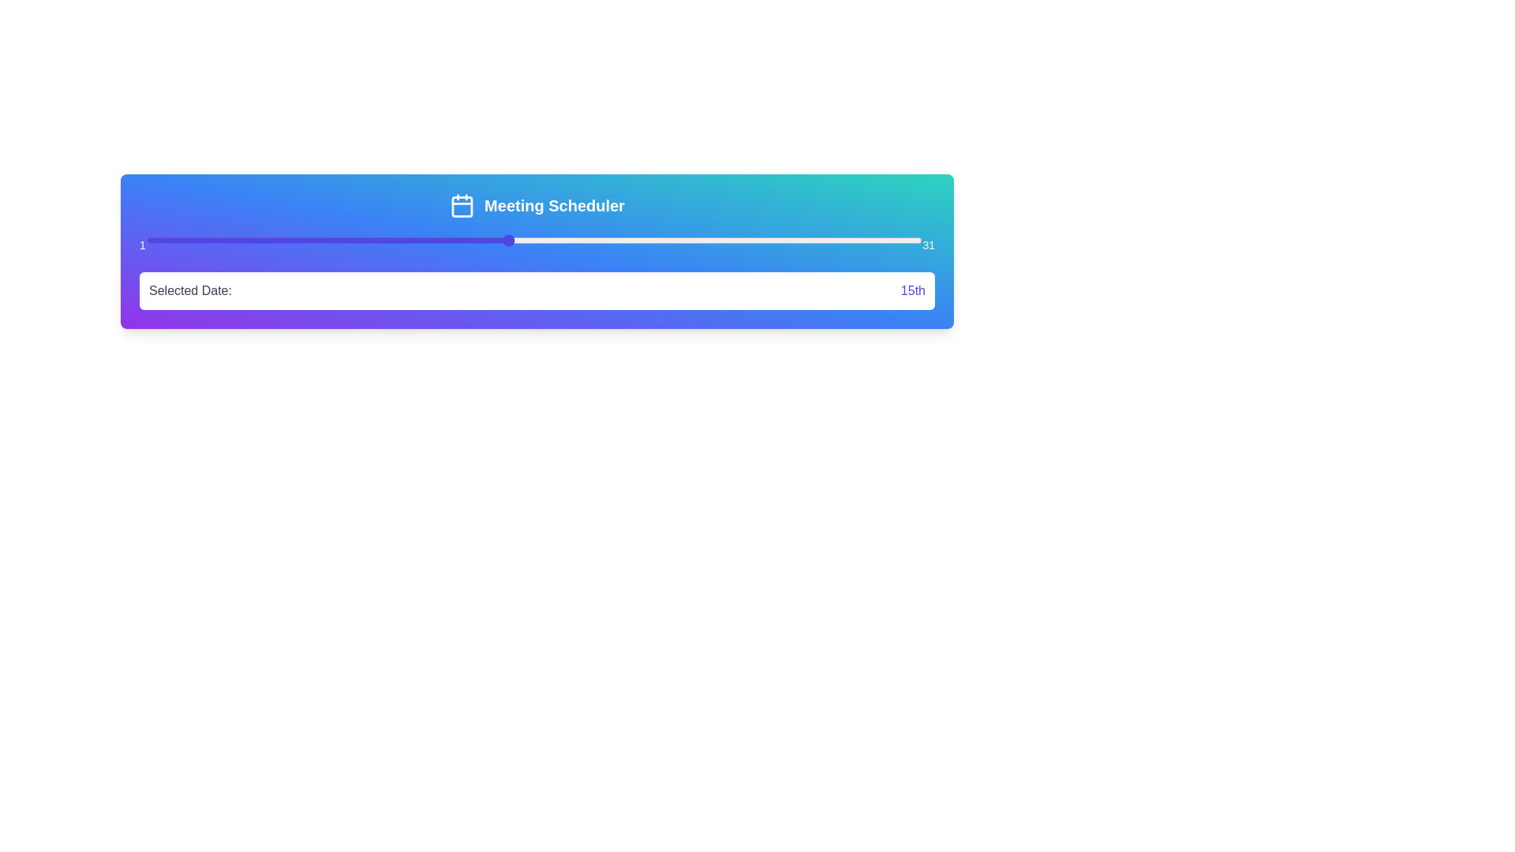 This screenshot has width=1515, height=852. What do you see at coordinates (462, 205) in the screenshot?
I see `the calendar icon located at the top-left of the 'Meeting Scheduler' component` at bounding box center [462, 205].